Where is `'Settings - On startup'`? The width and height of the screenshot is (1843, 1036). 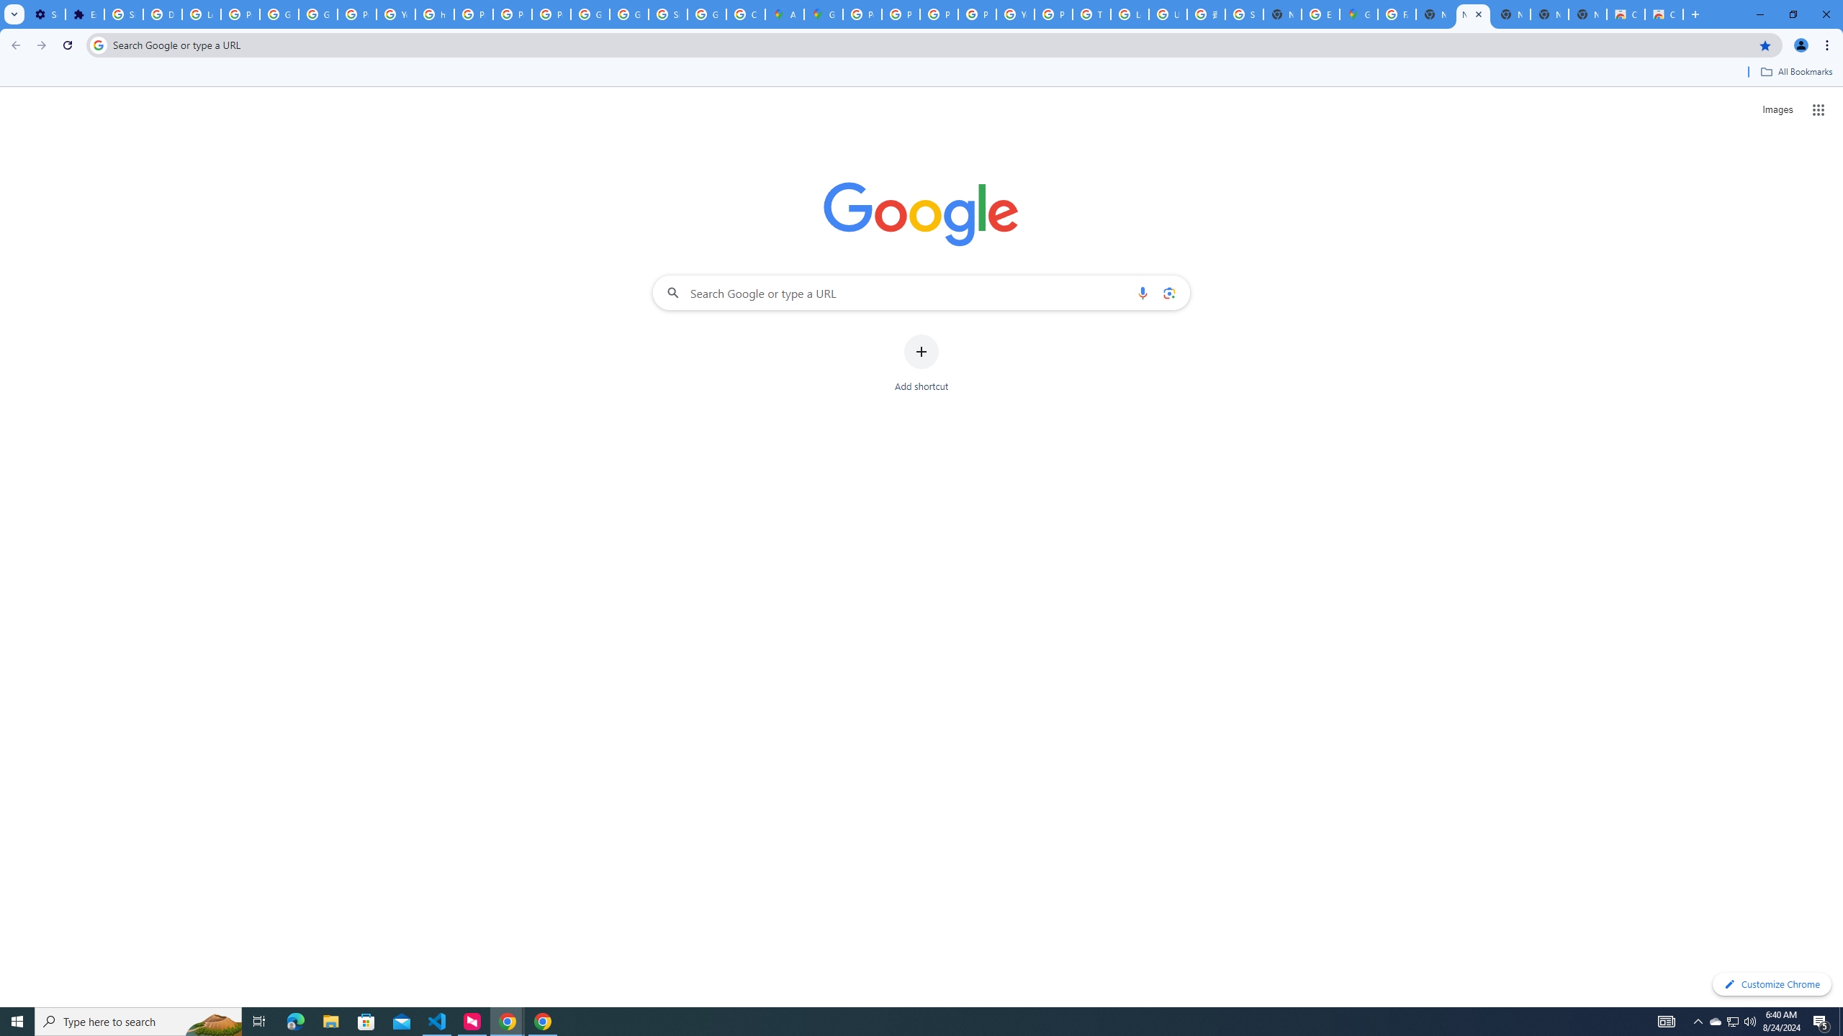 'Settings - On startup' is located at coordinates (46, 14).